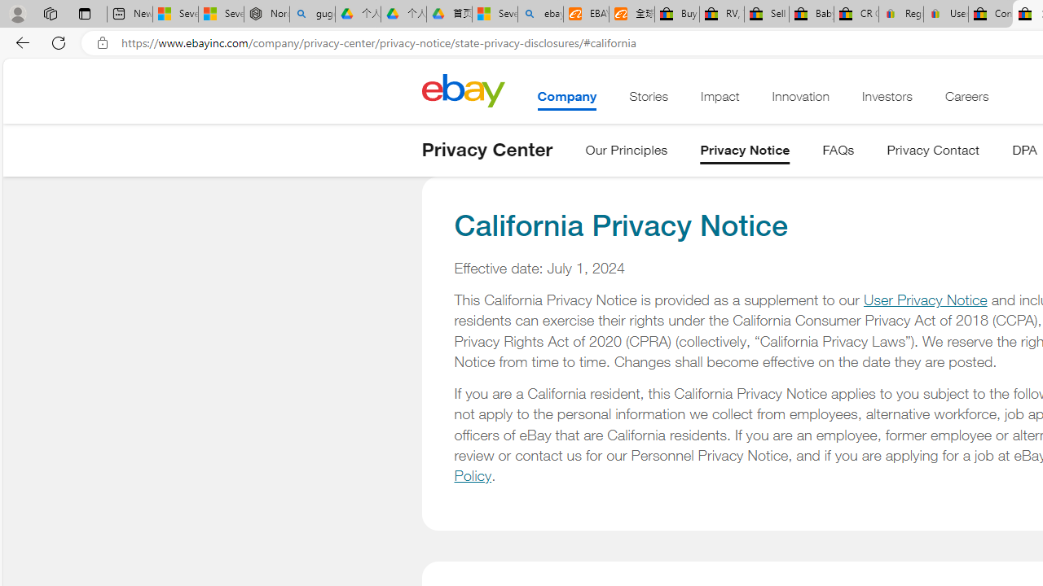 The image size is (1043, 586). What do you see at coordinates (486, 149) in the screenshot?
I see `'Privacy Center'` at bounding box center [486, 149].